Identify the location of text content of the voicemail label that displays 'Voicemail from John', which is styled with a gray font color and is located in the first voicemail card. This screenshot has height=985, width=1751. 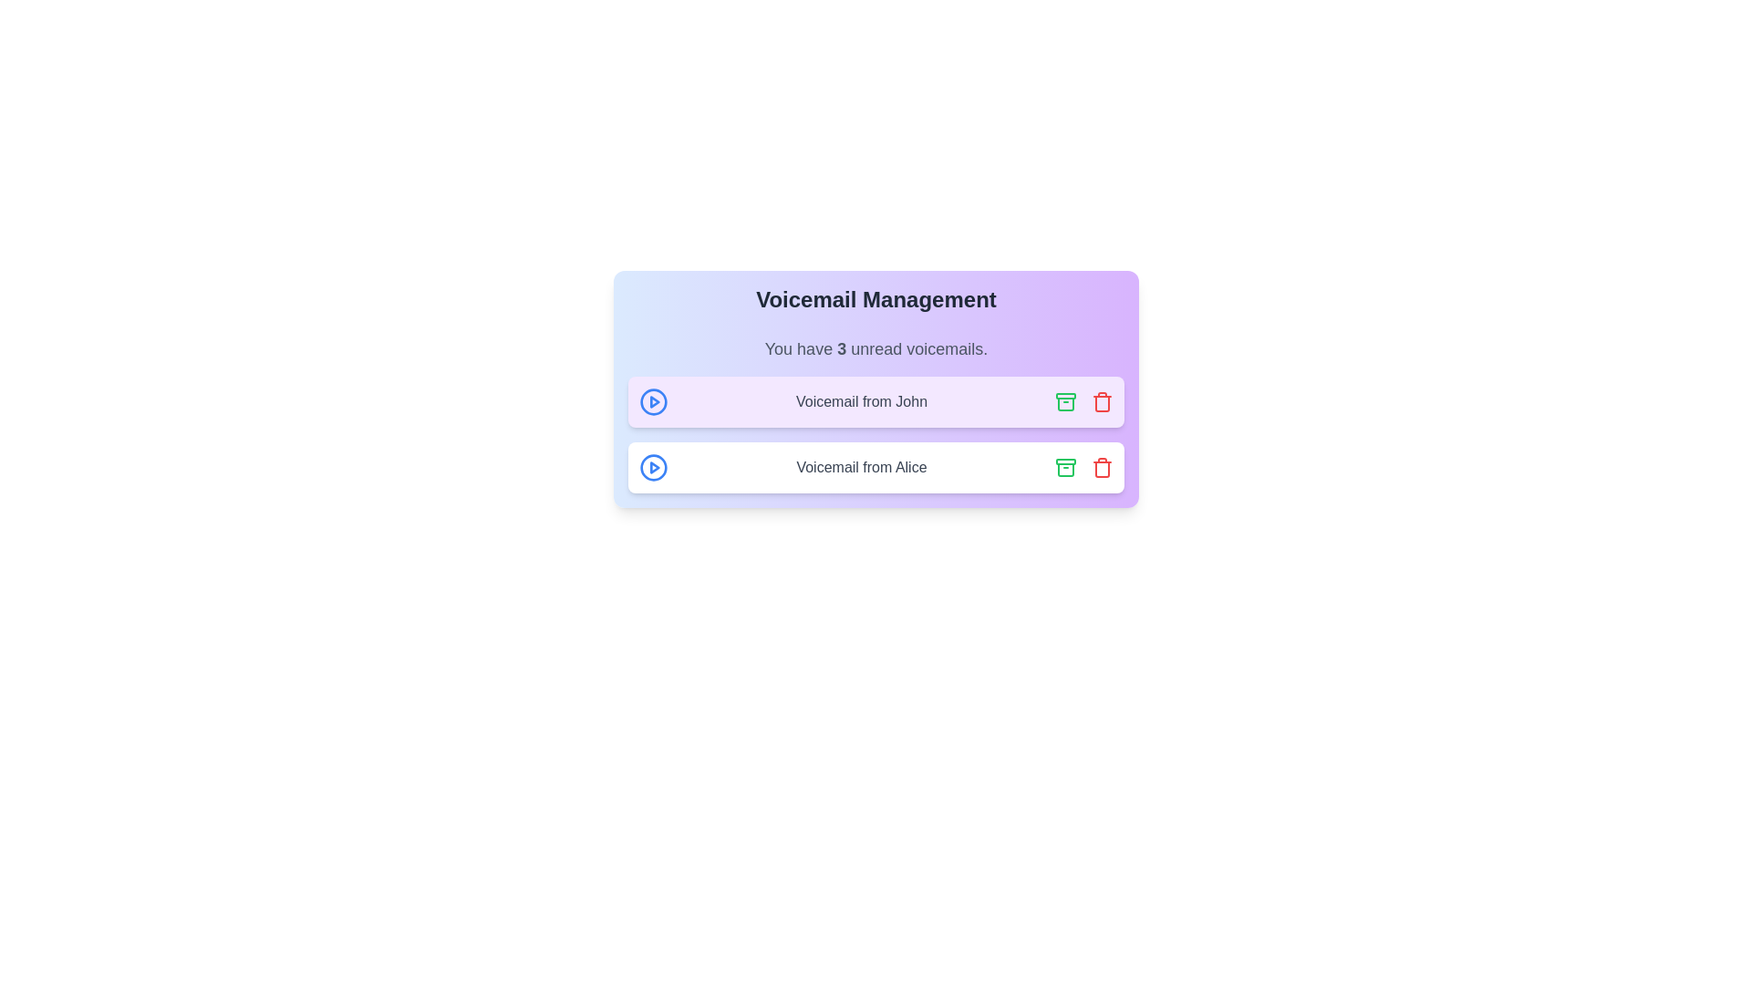
(861, 400).